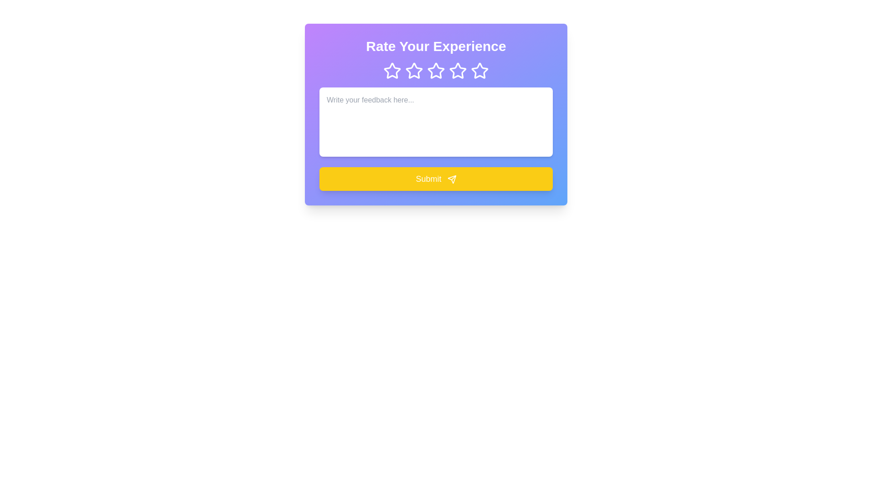 Image resolution: width=875 pixels, height=492 pixels. What do you see at coordinates (435, 70) in the screenshot?
I see `the third star rating icon, which is light purple and located in the center of the feedback section` at bounding box center [435, 70].